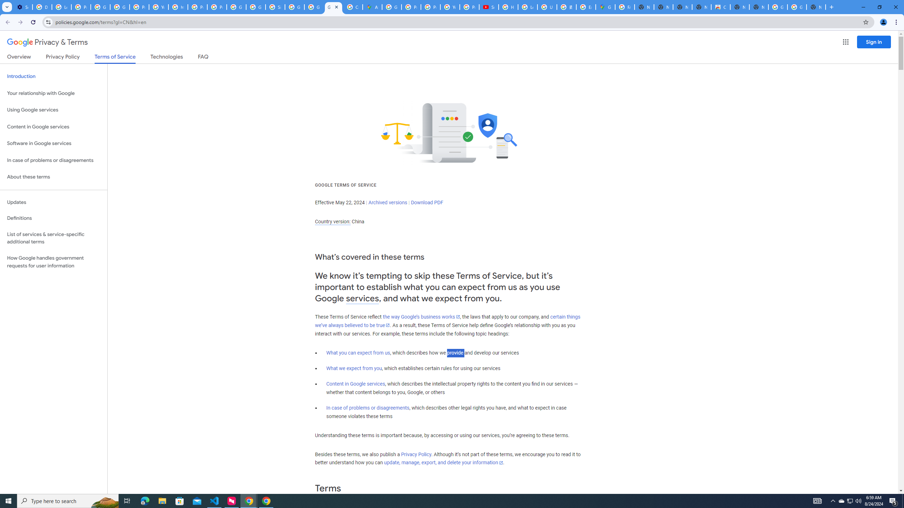 The height and width of the screenshot is (508, 904). What do you see at coordinates (53, 262) in the screenshot?
I see `'How Google handles government requests for user information'` at bounding box center [53, 262].